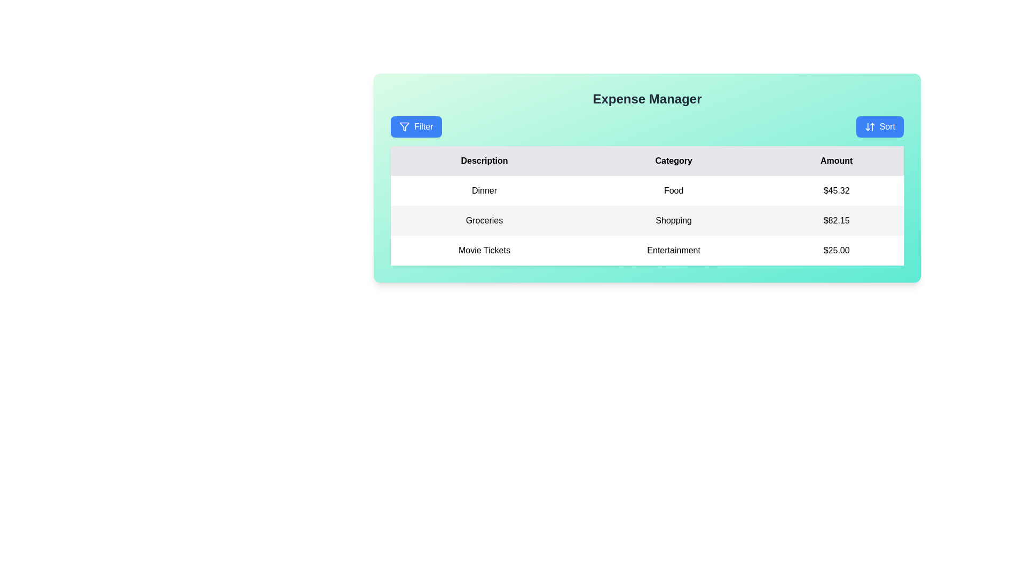 The image size is (1025, 576). I want to click on the 'Amount' label in the header row of the table, which is the third column aligned with 'Description' and 'Category', so click(836, 161).